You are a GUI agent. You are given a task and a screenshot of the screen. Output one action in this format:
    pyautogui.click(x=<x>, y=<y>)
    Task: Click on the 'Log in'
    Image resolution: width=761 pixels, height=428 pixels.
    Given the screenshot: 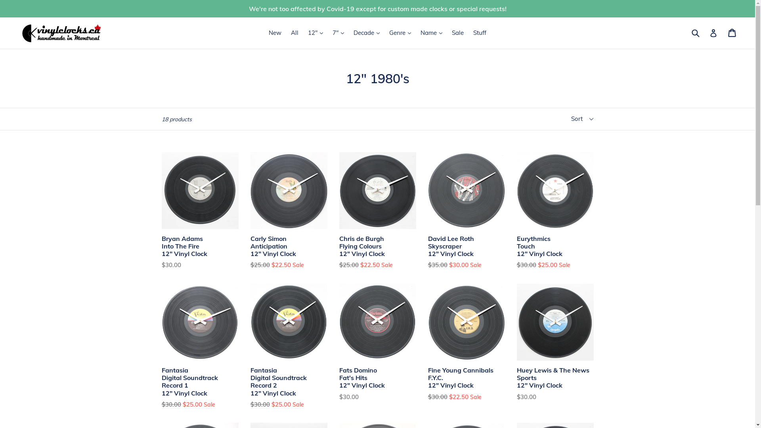 What is the action you would take?
    pyautogui.click(x=709, y=32)
    